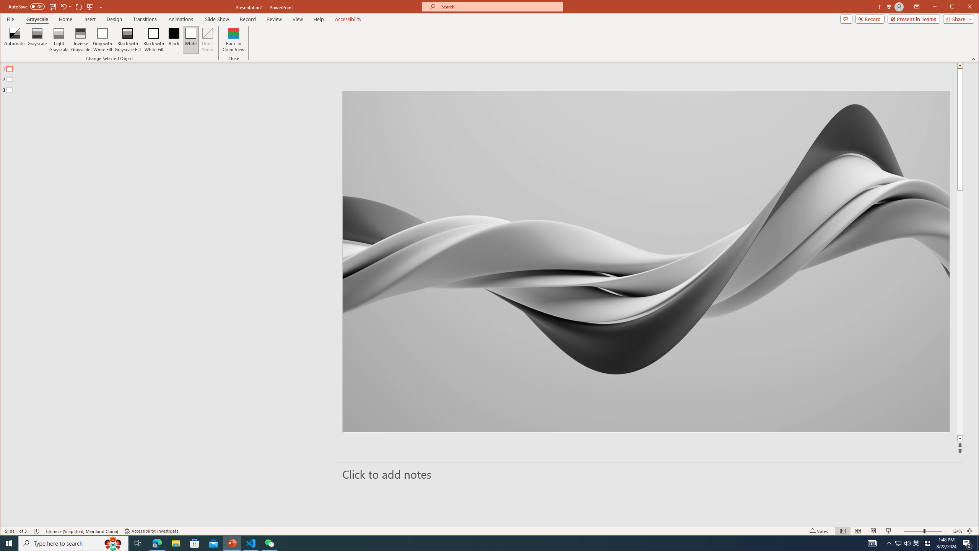 The width and height of the screenshot is (979, 551). What do you see at coordinates (112, 543) in the screenshot?
I see `'Search highlights icon opens search home window'` at bounding box center [112, 543].